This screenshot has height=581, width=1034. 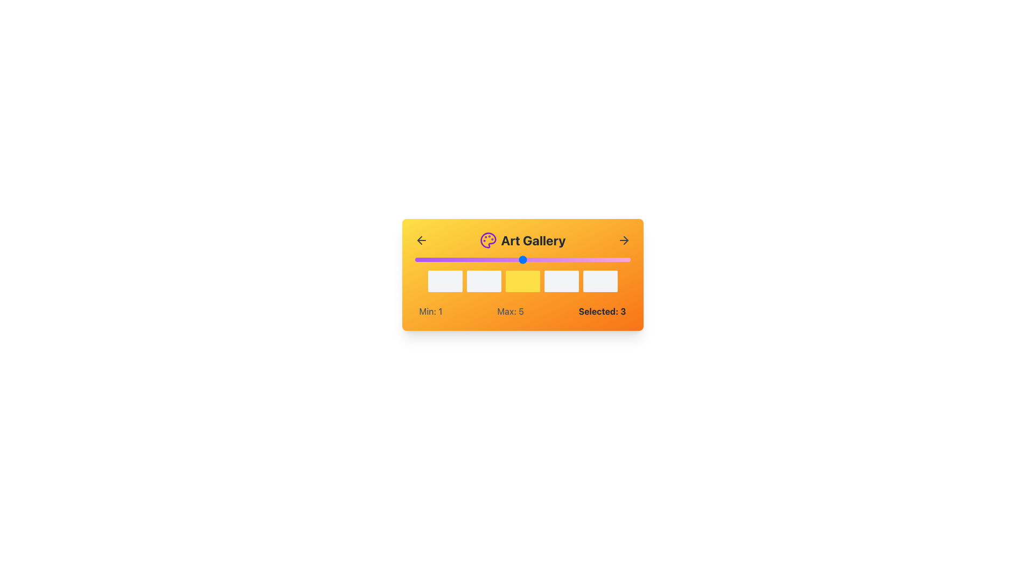 What do you see at coordinates (522, 259) in the screenshot?
I see `slider value` at bounding box center [522, 259].